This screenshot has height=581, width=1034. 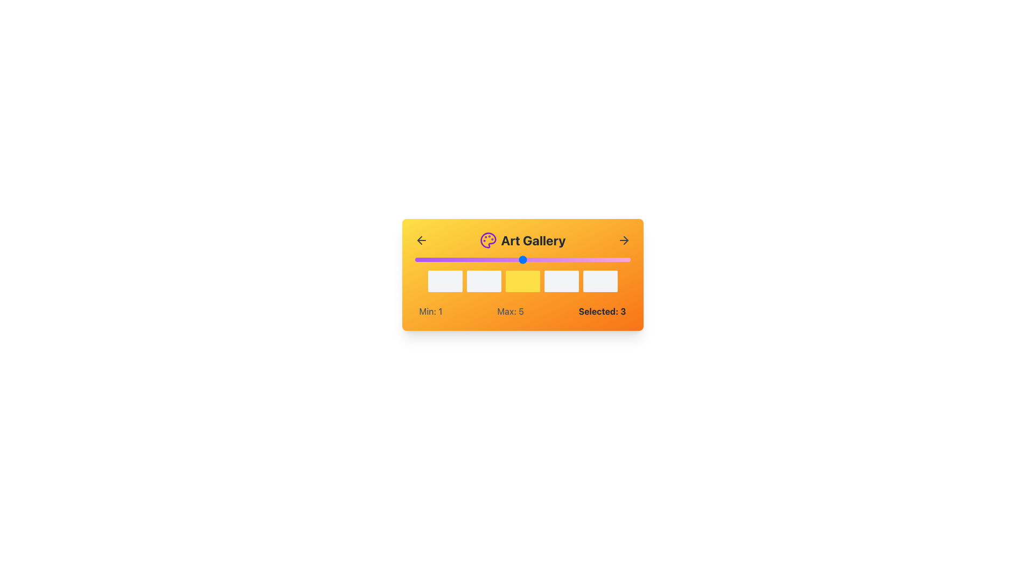 What do you see at coordinates (522, 259) in the screenshot?
I see `slider value` at bounding box center [522, 259].